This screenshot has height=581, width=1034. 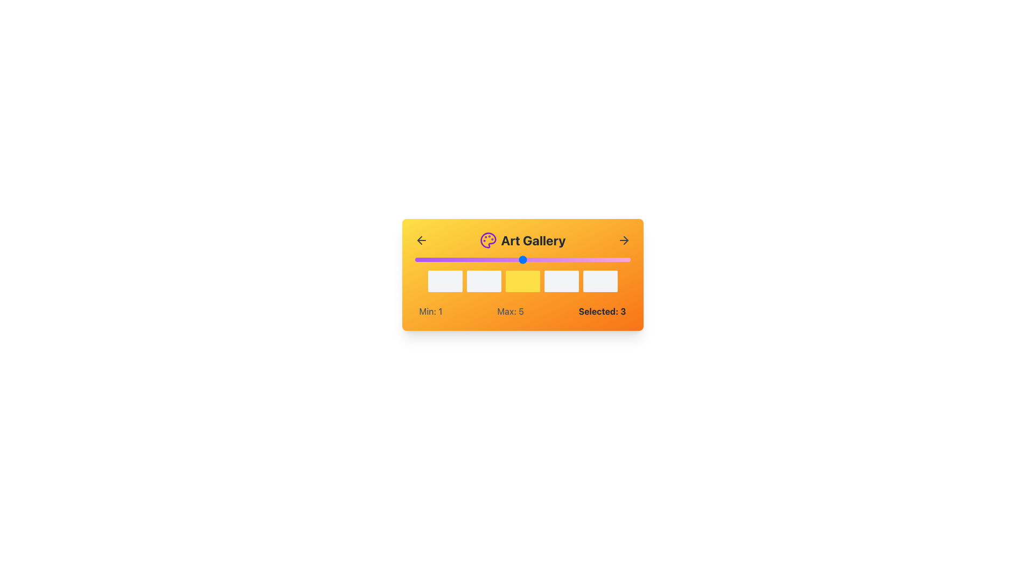 What do you see at coordinates (522, 259) in the screenshot?
I see `slider value` at bounding box center [522, 259].